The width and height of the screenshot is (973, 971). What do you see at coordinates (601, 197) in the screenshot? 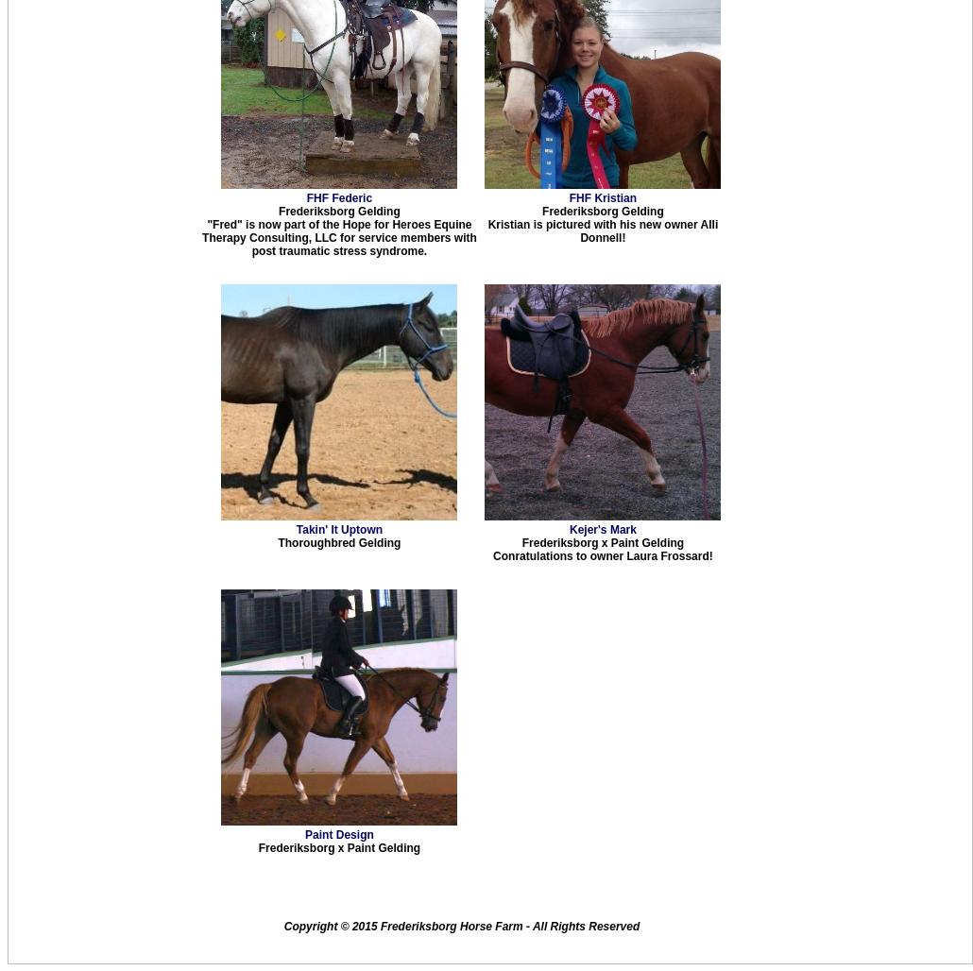
I see `'FHF Kristian'` at bounding box center [601, 197].